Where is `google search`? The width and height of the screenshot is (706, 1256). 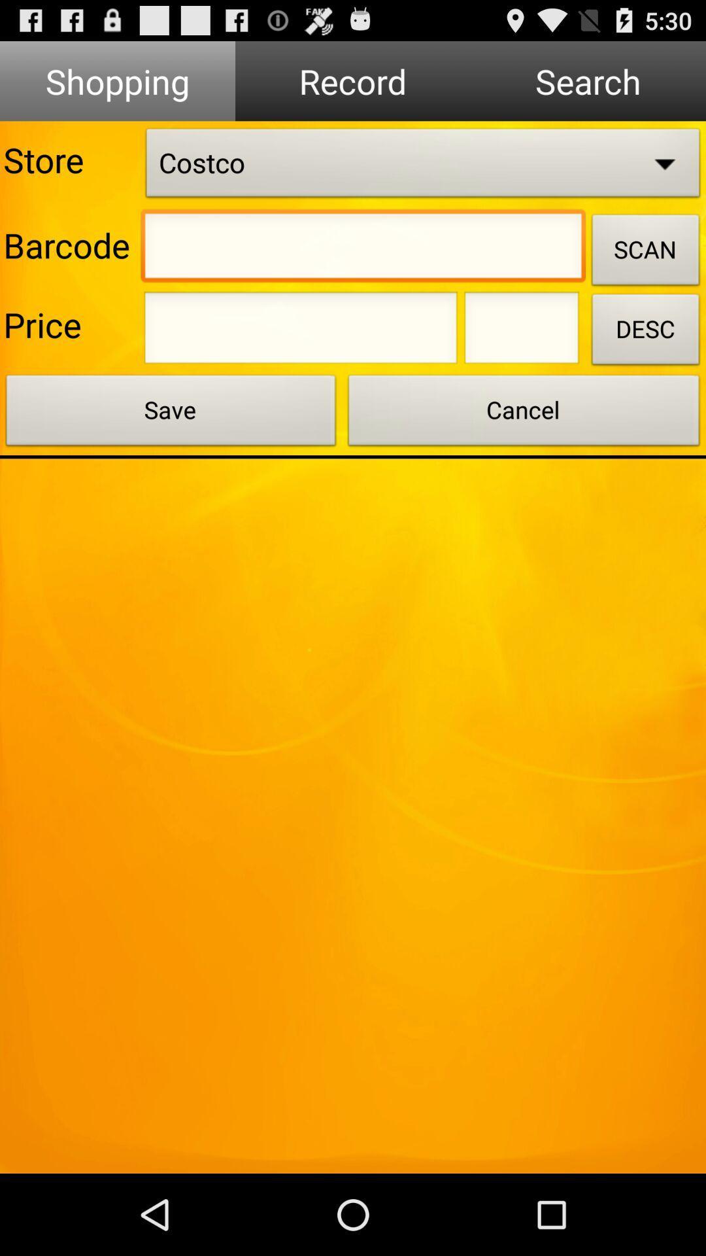 google search is located at coordinates (363, 249).